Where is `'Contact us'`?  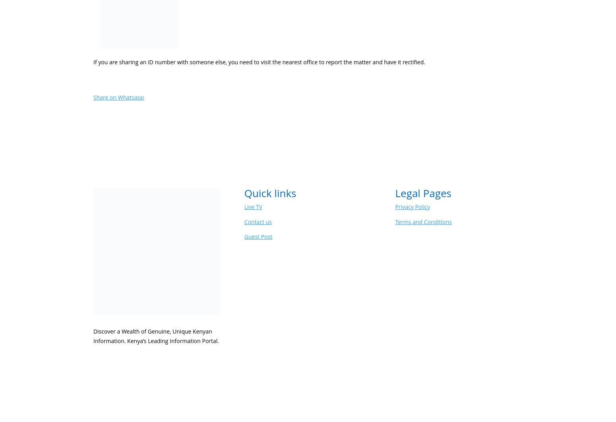 'Contact us' is located at coordinates (244, 221).